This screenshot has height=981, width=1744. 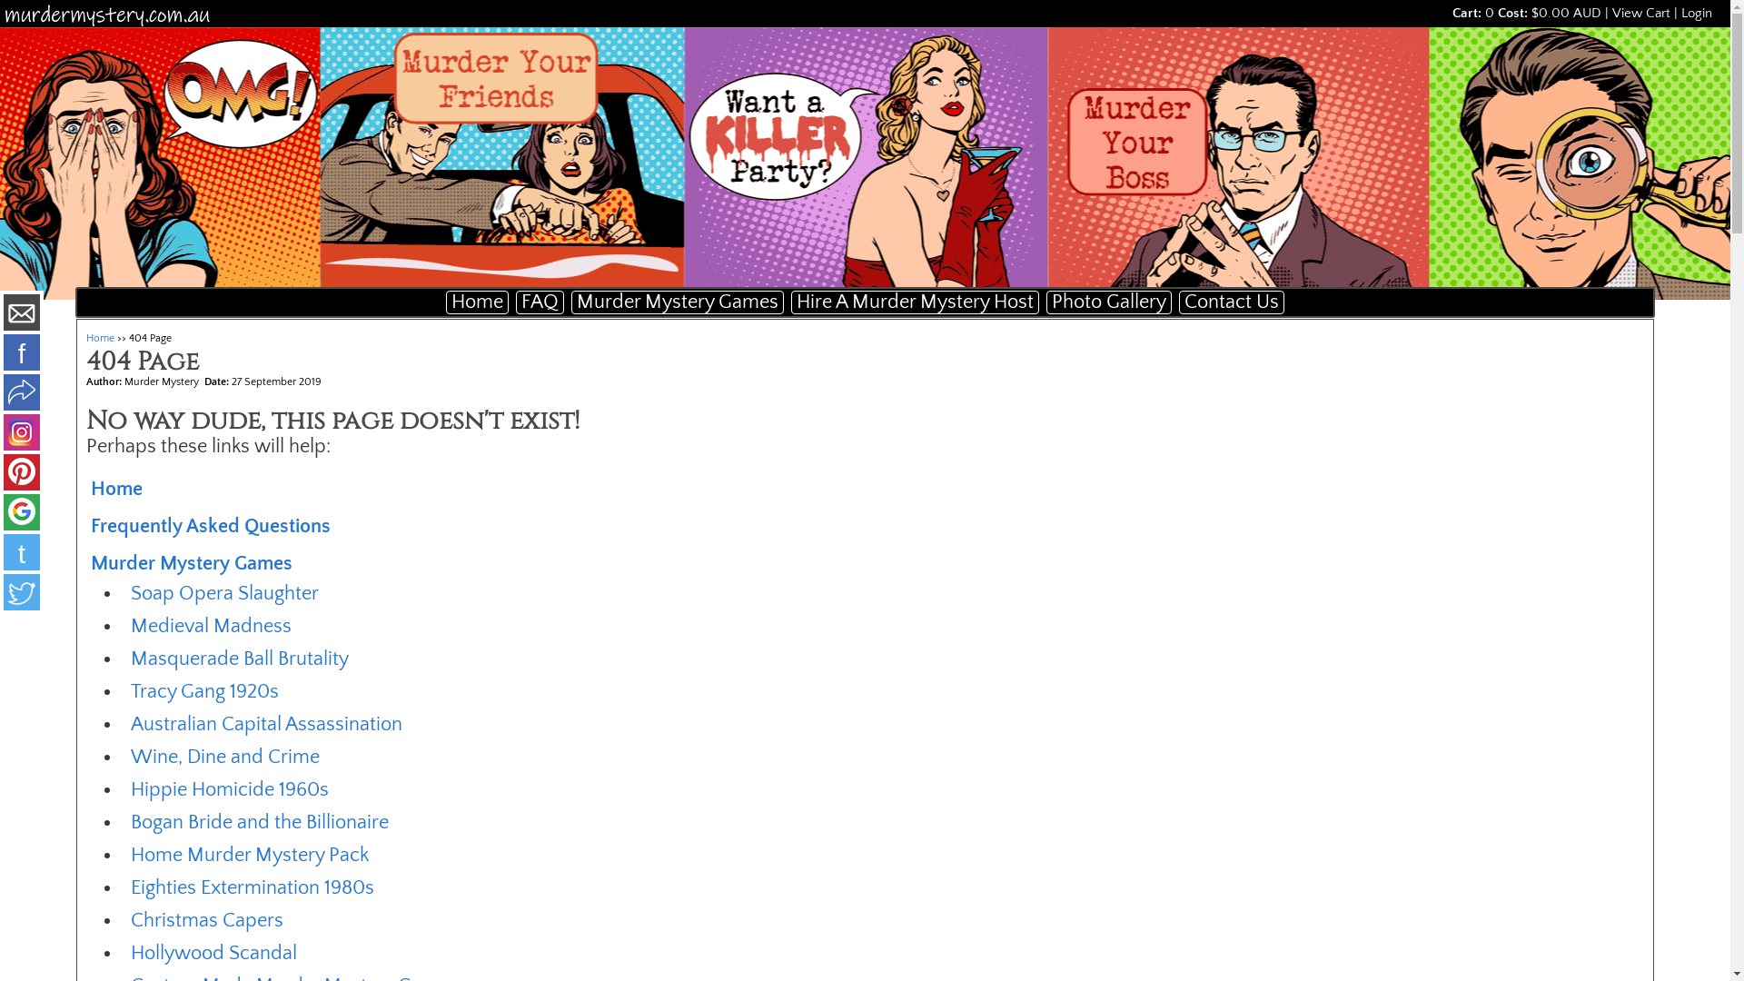 I want to click on 'FAQ', so click(x=539, y=301).